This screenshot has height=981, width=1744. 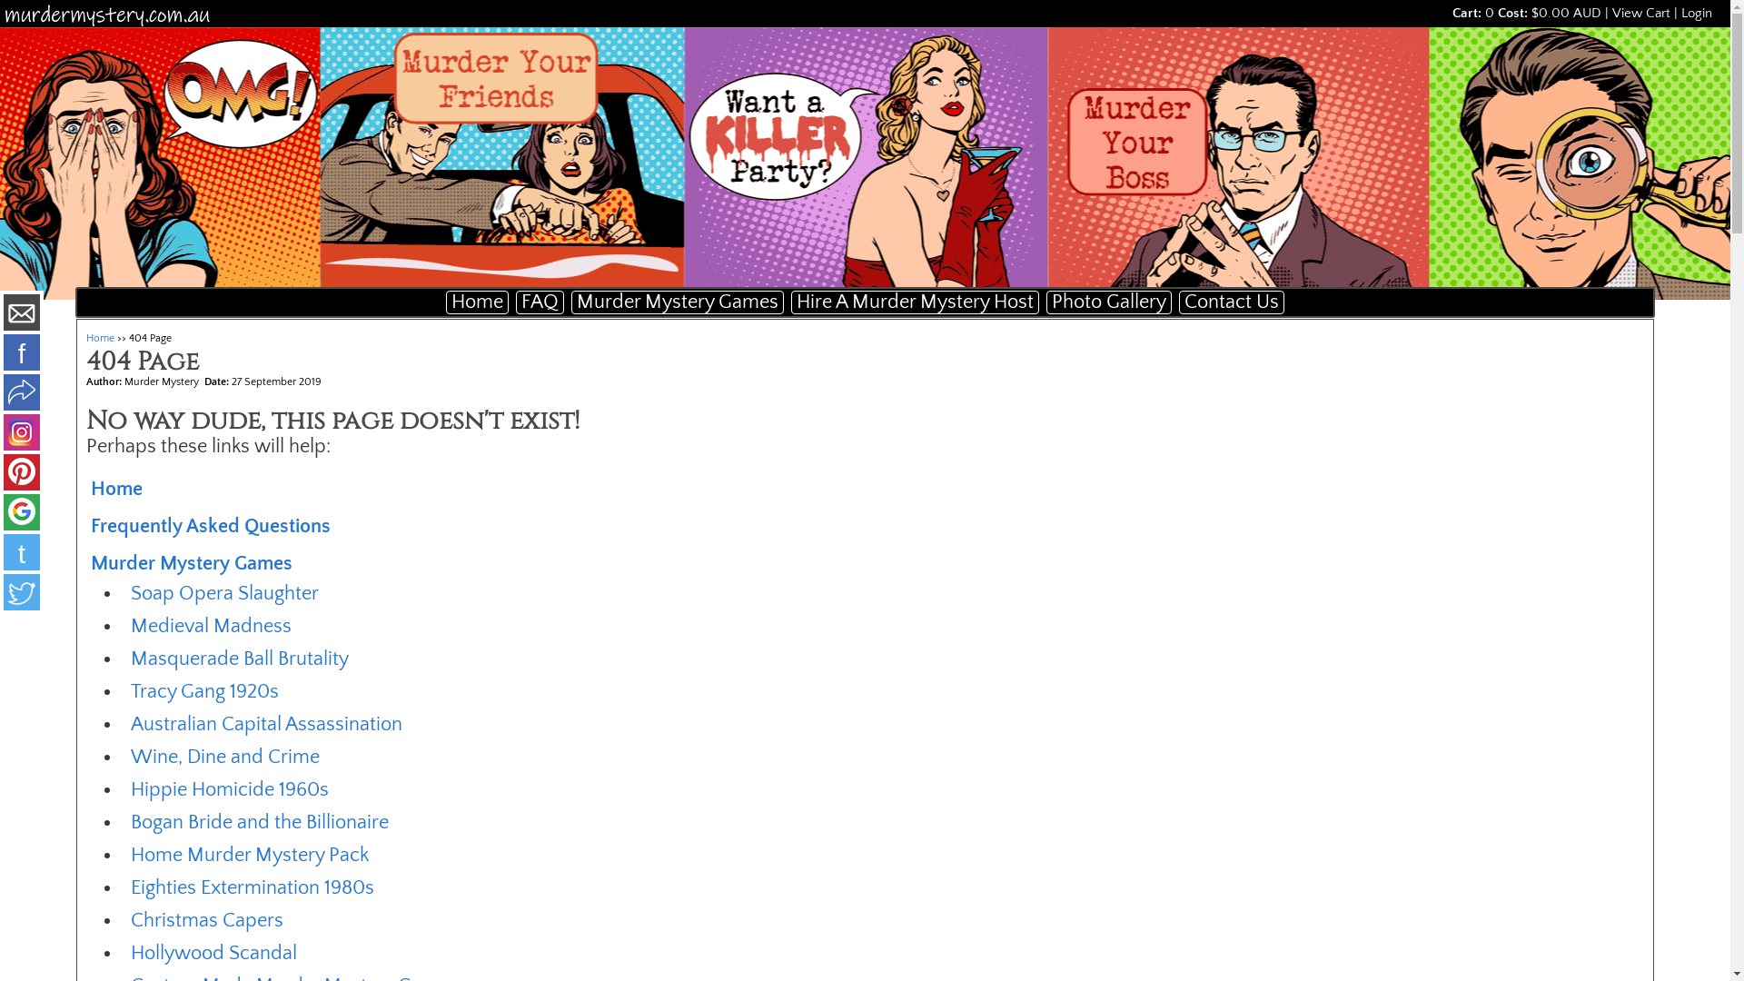 I want to click on 'FAQ', so click(x=539, y=301).